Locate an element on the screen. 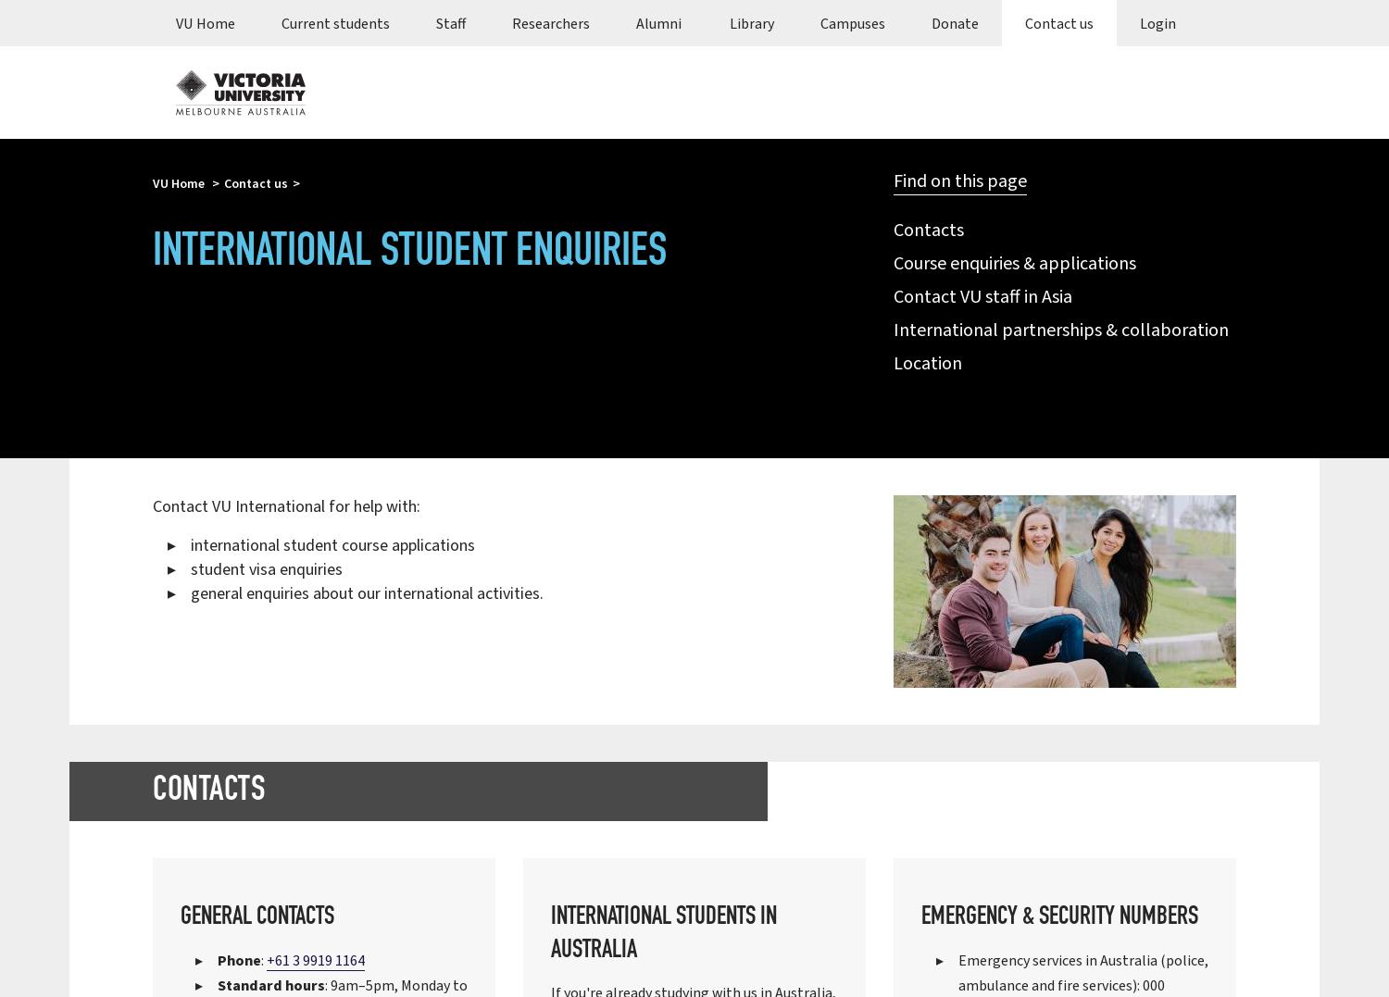 The height and width of the screenshot is (997, 1389). 'Staff' is located at coordinates (450, 22).